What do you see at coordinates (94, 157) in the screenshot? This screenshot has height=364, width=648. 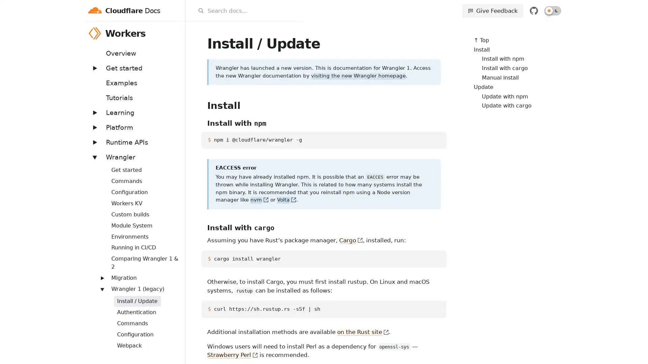 I see `Expand: Wrangler` at bounding box center [94, 157].